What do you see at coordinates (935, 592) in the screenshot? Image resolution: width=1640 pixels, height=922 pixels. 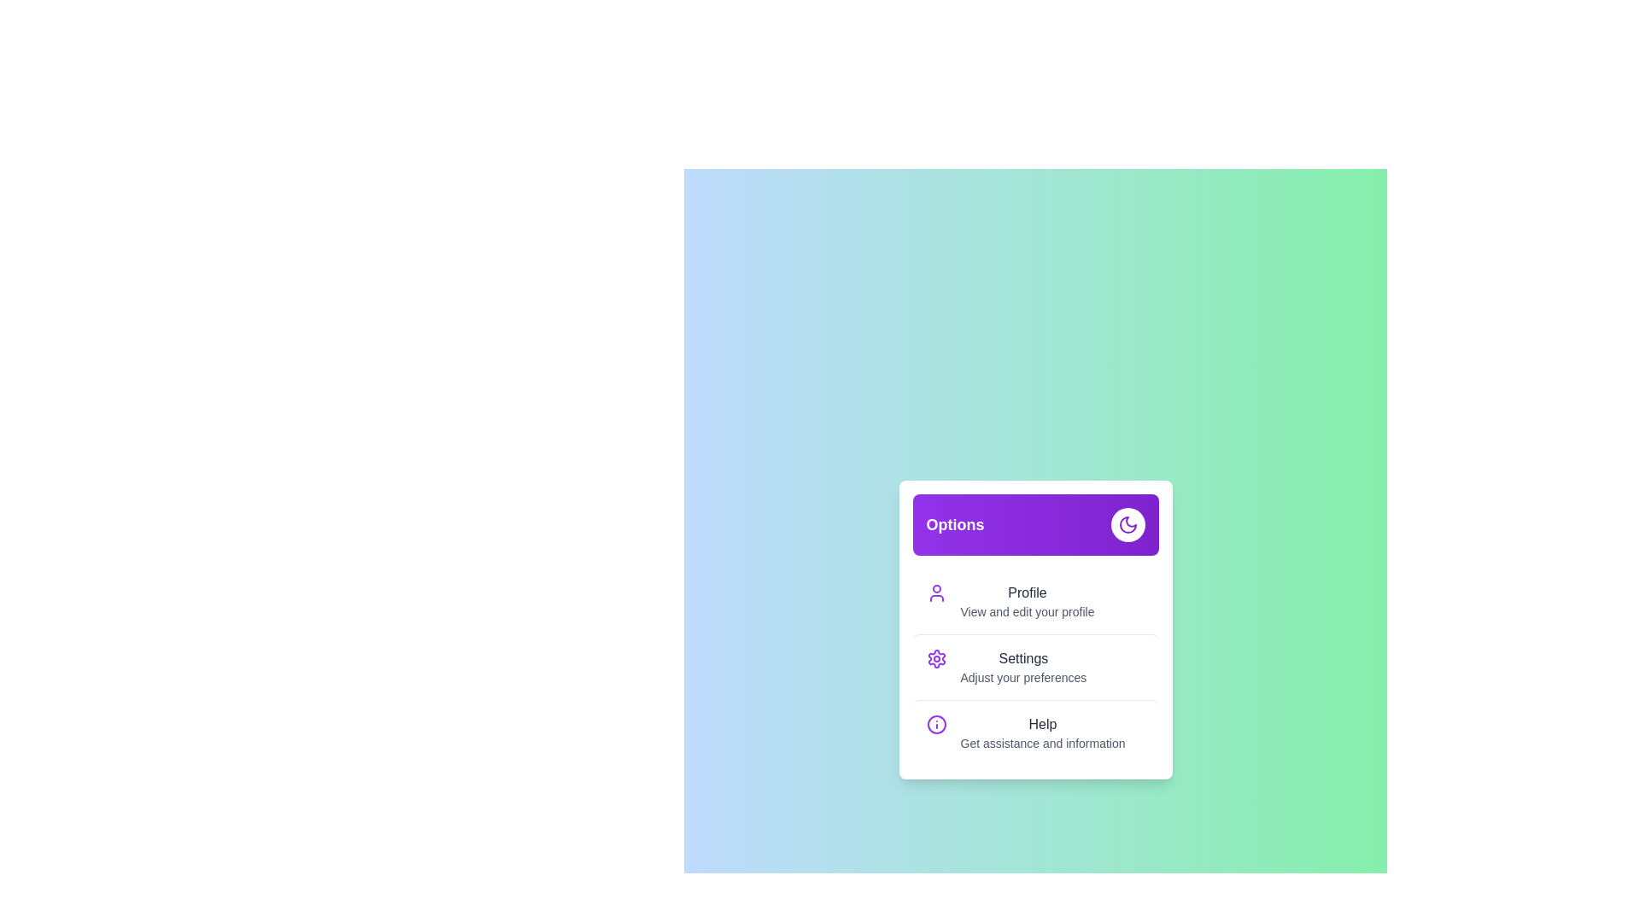 I see `the icon for Profile in the menu` at bounding box center [935, 592].